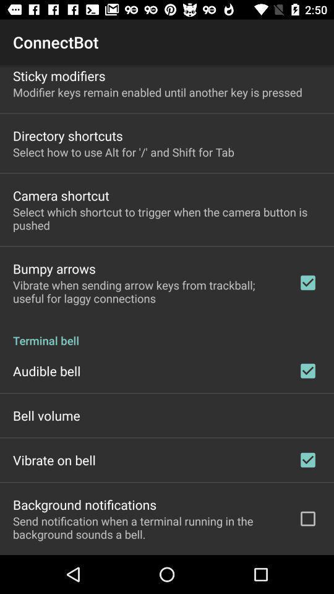  Describe the element at coordinates (46, 371) in the screenshot. I see `the audible bell app` at that location.